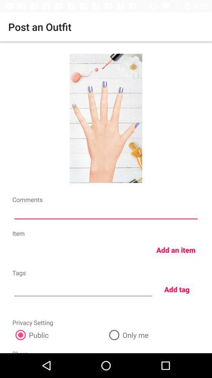 The width and height of the screenshot is (212, 378). What do you see at coordinates (58, 334) in the screenshot?
I see `the item below privacy setting item` at bounding box center [58, 334].